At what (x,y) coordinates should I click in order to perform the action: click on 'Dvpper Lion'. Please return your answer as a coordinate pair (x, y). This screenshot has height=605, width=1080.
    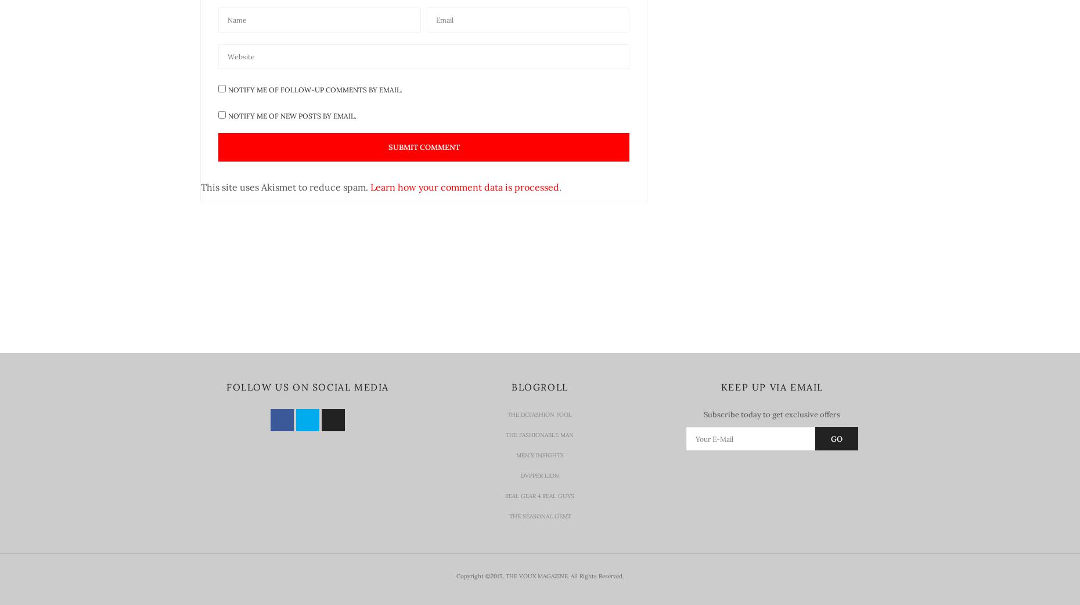
    Looking at the image, I should click on (539, 475).